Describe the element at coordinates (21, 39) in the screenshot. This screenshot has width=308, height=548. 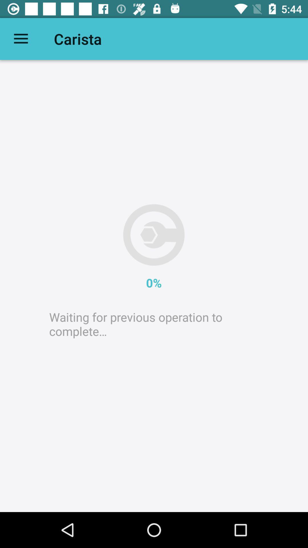
I see `item to the left of carista icon` at that location.